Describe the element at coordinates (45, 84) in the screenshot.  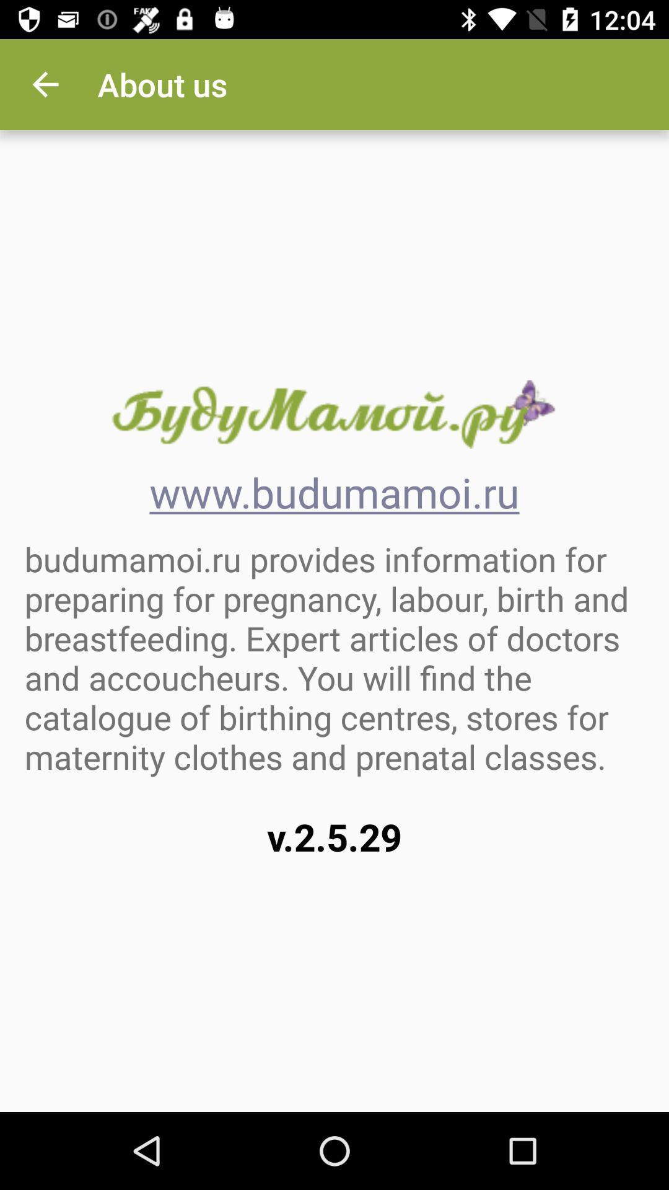
I see `item above budumamoi ru provides icon` at that location.